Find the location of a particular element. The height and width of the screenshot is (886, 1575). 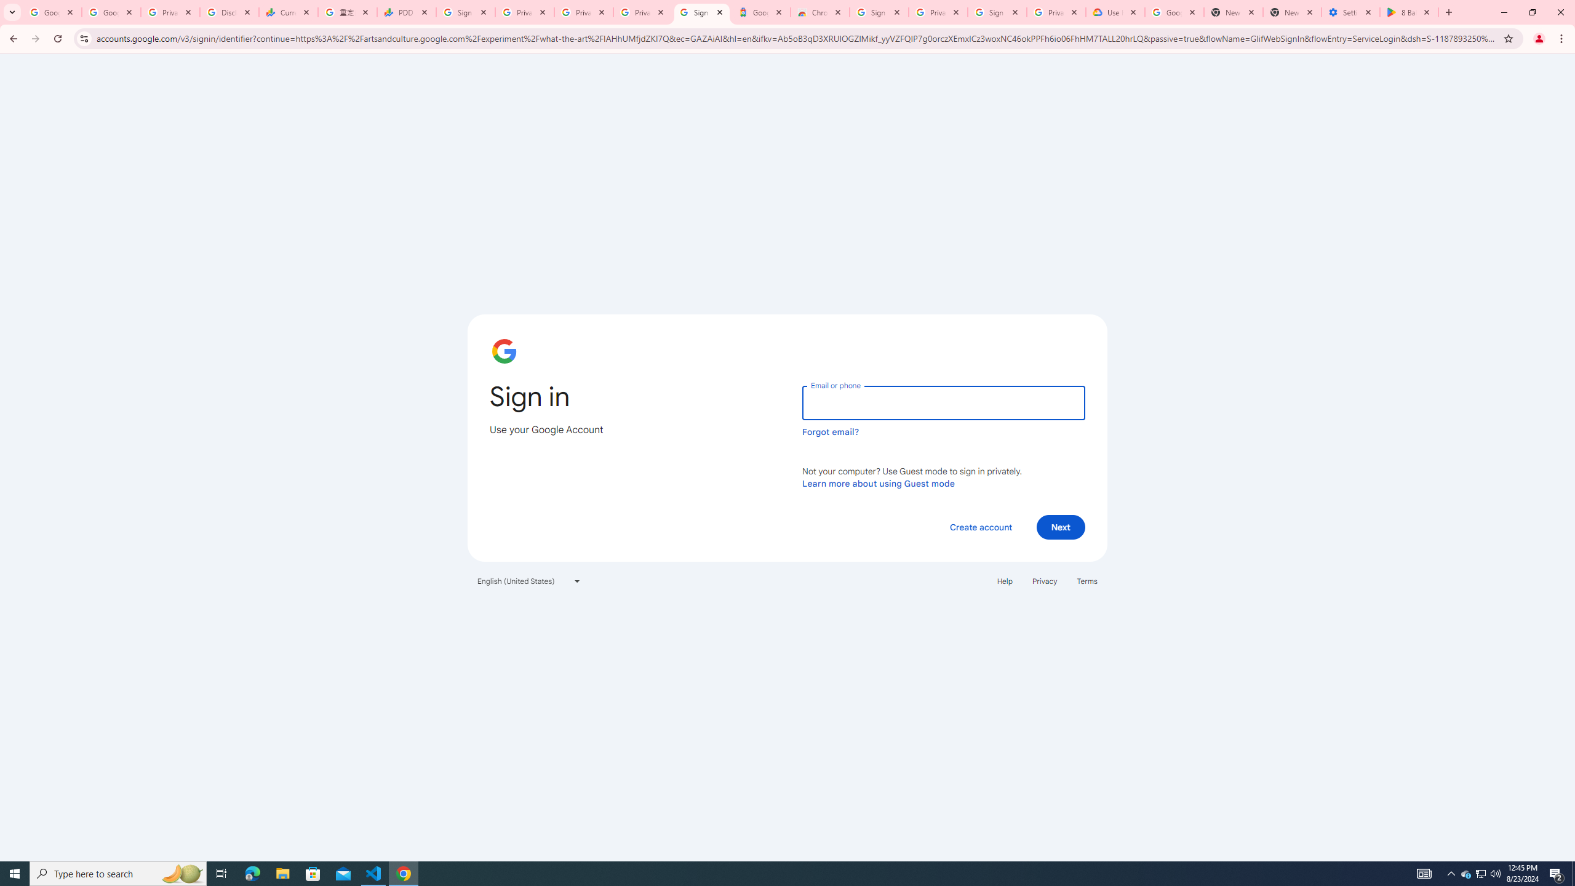

'Forgot email?' is located at coordinates (830, 431).